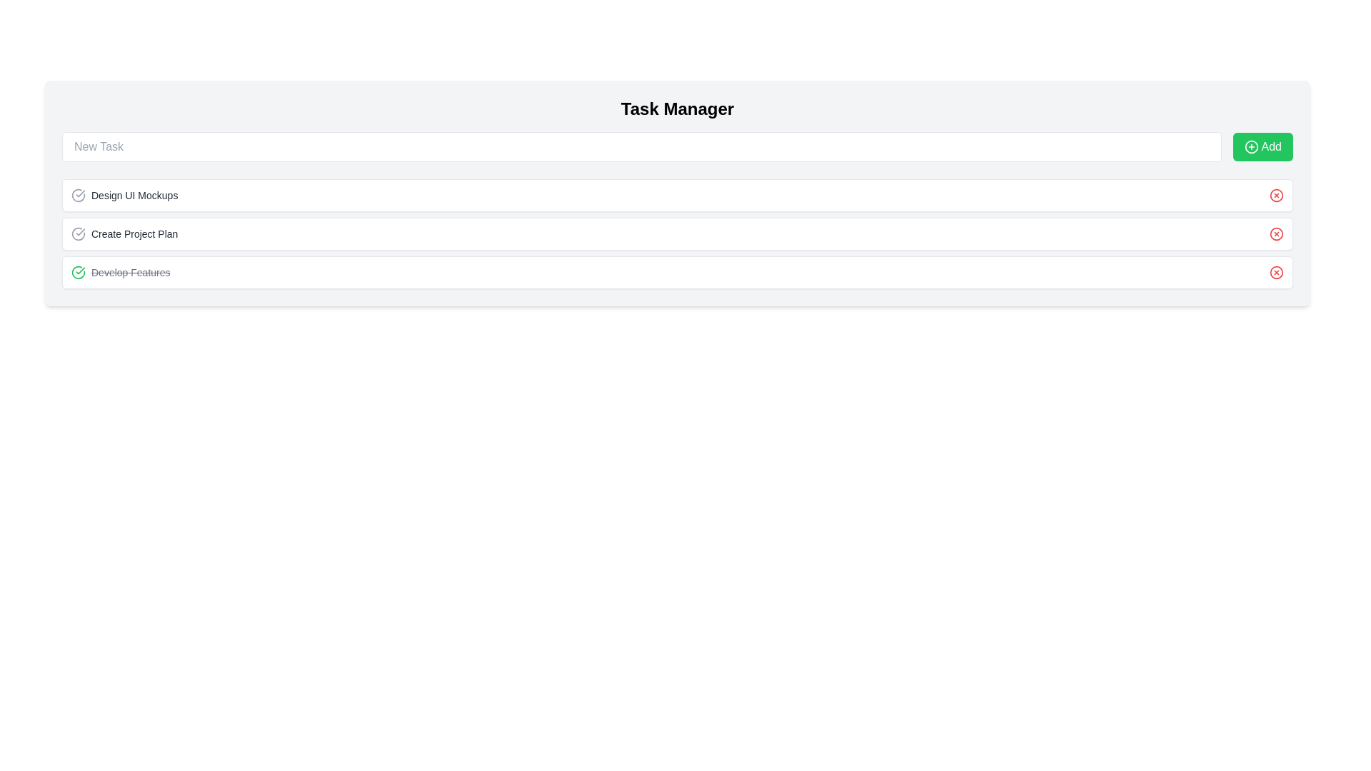 The width and height of the screenshot is (1371, 771). Describe the element at coordinates (131, 272) in the screenshot. I see `the static text label displaying 'Develop Features', which is styled with a strikethrough to indicate a completed task` at that location.